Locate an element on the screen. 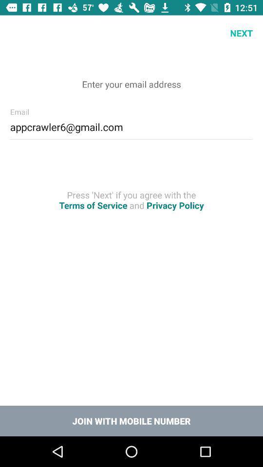  item above join with mobile icon is located at coordinates (131, 199).